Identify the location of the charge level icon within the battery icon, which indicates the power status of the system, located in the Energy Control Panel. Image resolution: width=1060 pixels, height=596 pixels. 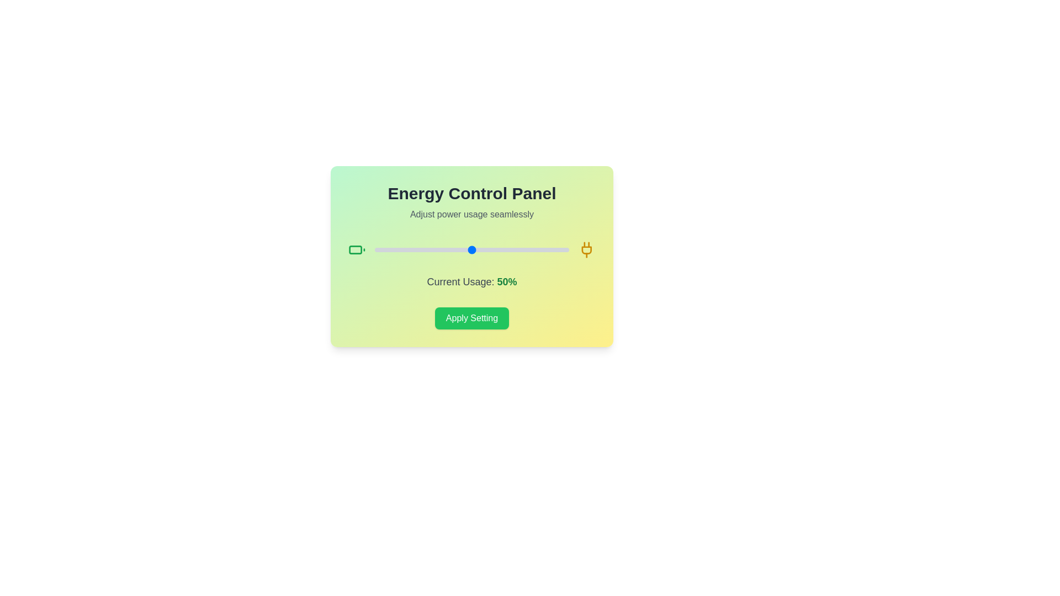
(356, 249).